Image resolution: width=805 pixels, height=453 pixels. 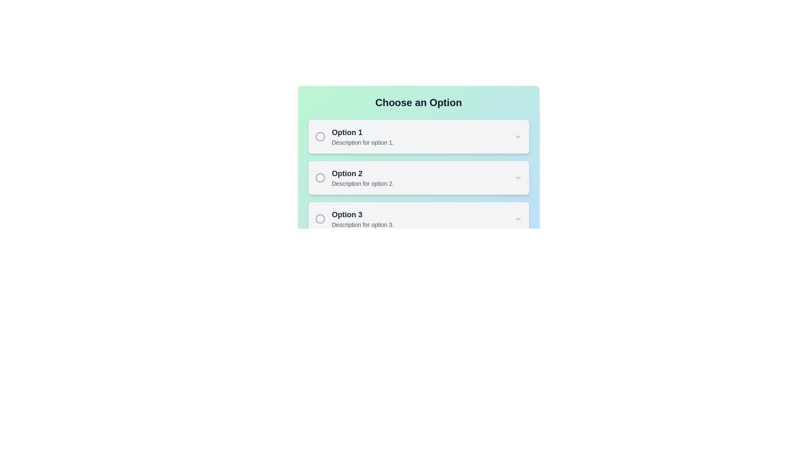 I want to click on the arrow icon located at the far right of the 'Option 2' entry, so click(x=517, y=177).